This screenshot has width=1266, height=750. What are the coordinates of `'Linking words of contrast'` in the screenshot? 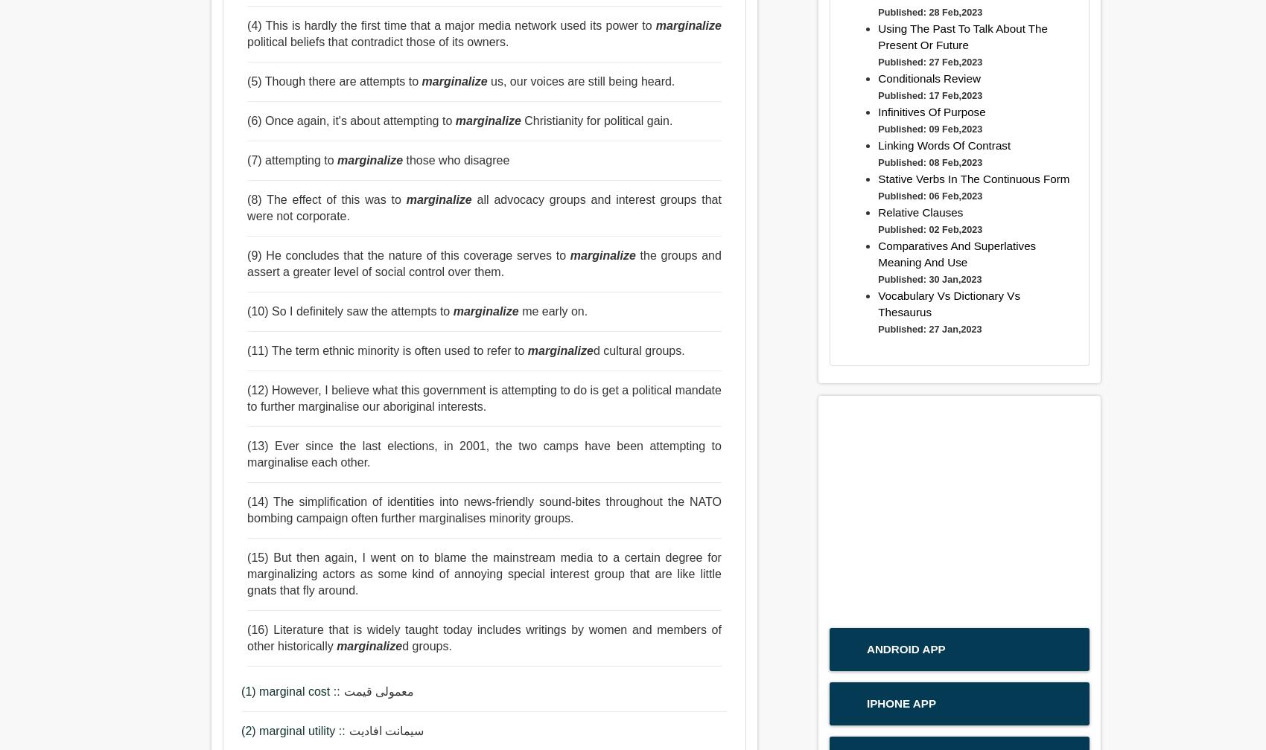 It's located at (944, 144).